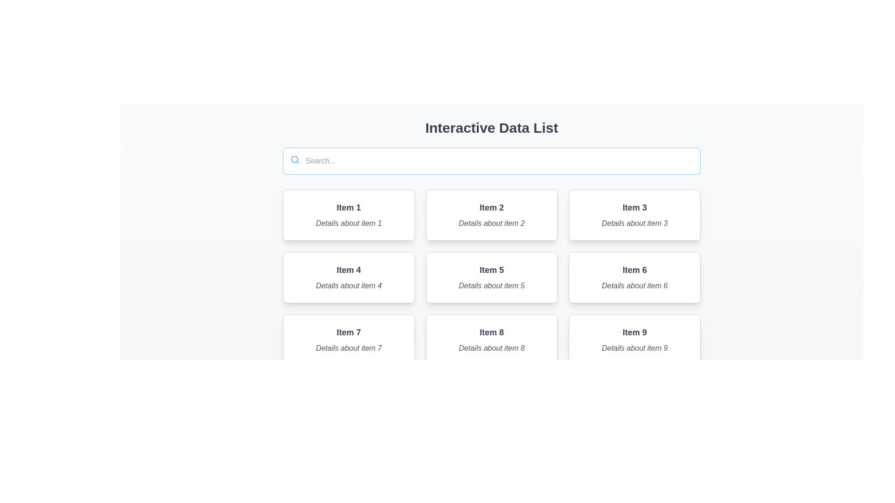 The width and height of the screenshot is (895, 503). Describe the element at coordinates (294, 159) in the screenshot. I see `the decorative circle within the magnifying glass icon located at the top left of the search text box` at that location.